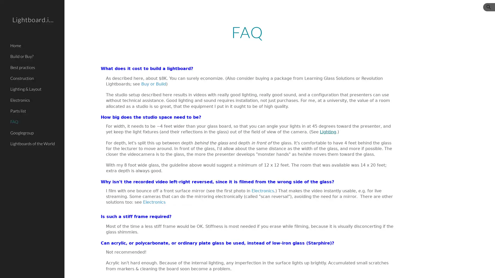 The image size is (495, 278). Describe the element at coordinates (203, 10) in the screenshot. I see `Skip to main content` at that location.